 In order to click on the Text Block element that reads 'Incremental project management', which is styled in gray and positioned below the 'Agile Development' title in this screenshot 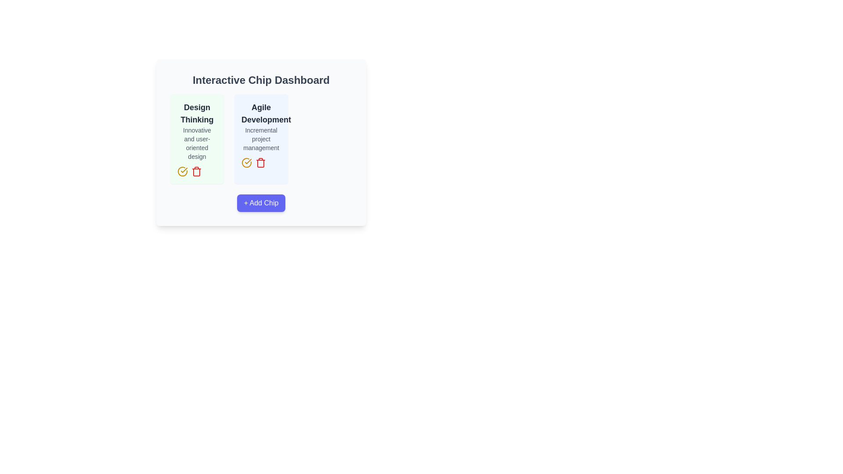, I will do `click(261, 138)`.